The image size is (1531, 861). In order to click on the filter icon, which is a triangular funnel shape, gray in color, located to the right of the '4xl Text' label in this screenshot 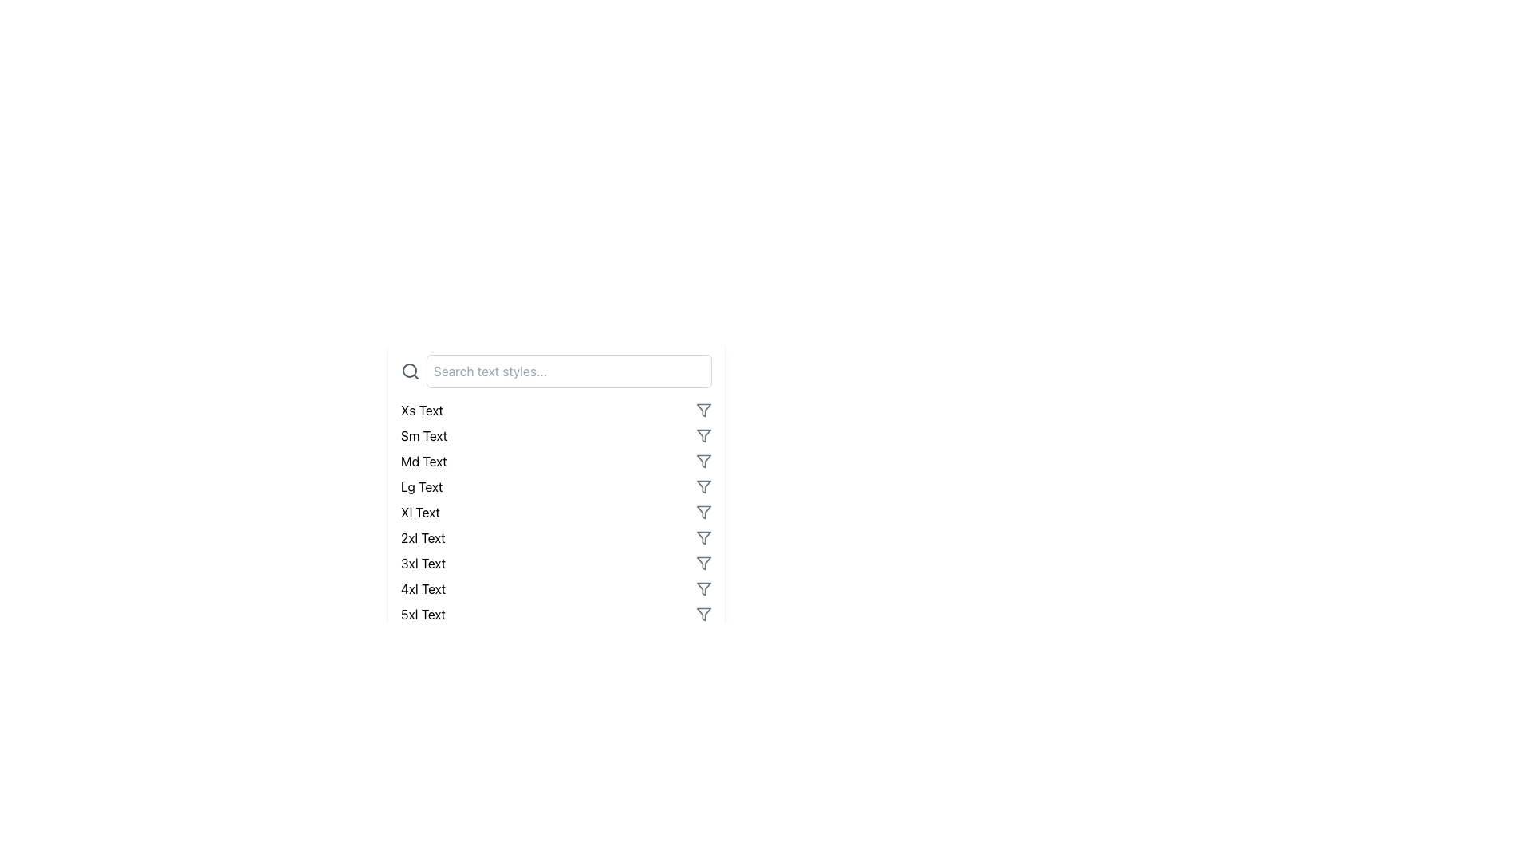, I will do `click(703, 589)`.